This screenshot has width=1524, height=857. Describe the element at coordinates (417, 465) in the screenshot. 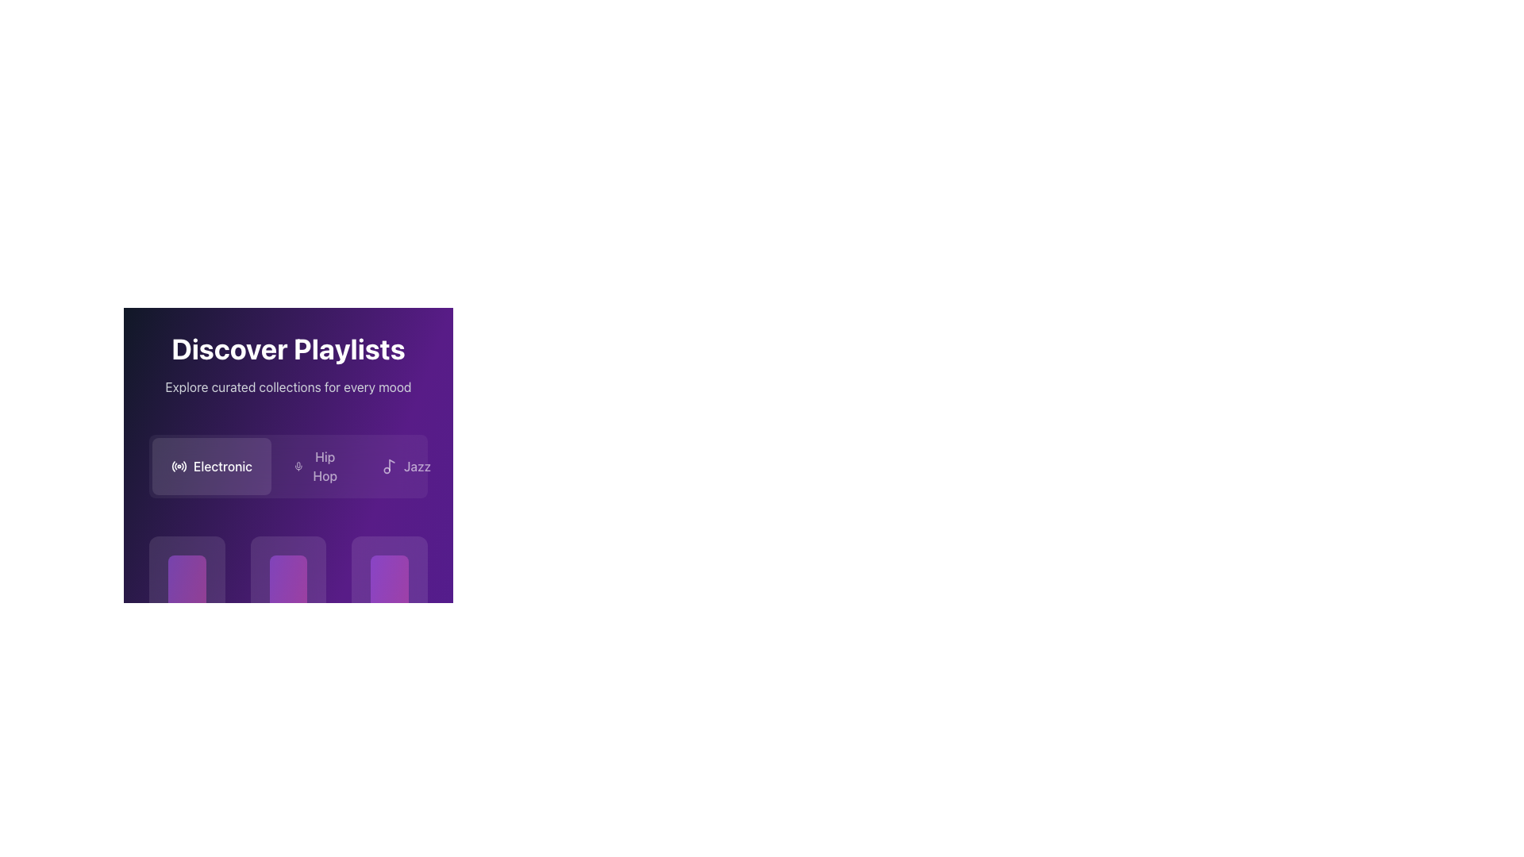

I see `the text label reading 'Jazz', which is styled with a medium font weight in light white color on a purple background` at that location.